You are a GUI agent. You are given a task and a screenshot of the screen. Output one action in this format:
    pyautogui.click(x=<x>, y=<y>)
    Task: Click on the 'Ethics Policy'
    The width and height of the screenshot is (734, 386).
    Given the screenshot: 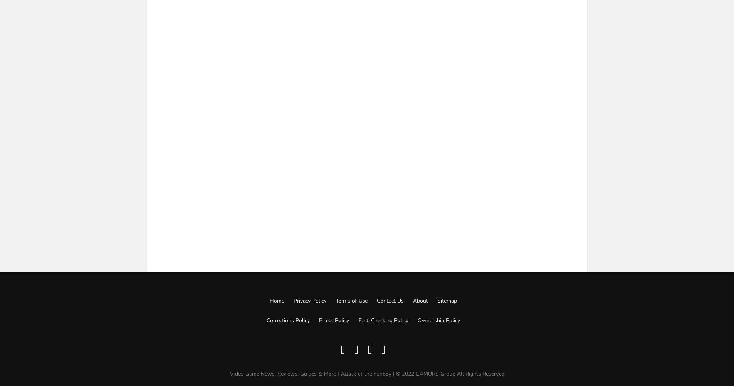 What is the action you would take?
    pyautogui.click(x=333, y=320)
    